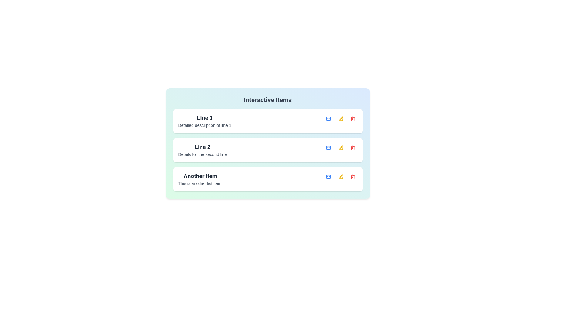 The image size is (582, 327). What do you see at coordinates (328, 177) in the screenshot?
I see `the details button for the item titled 'Another Item'` at bounding box center [328, 177].